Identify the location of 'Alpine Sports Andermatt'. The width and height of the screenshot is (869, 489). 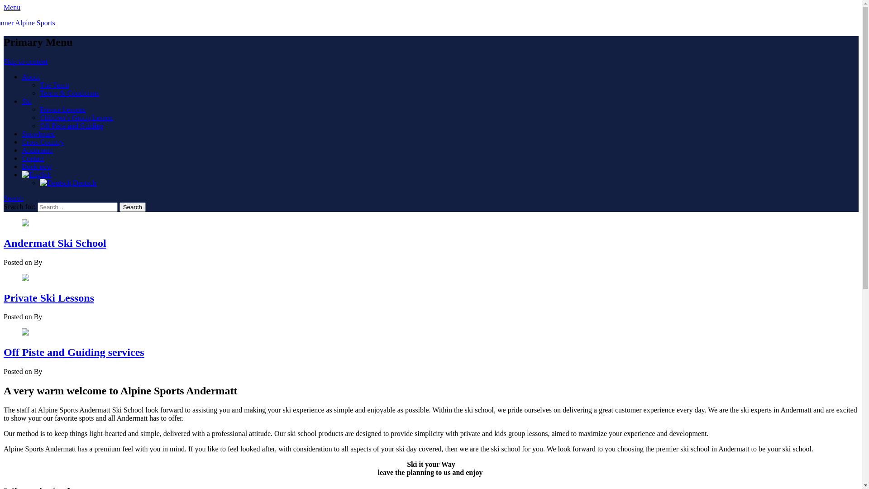
(39, 22).